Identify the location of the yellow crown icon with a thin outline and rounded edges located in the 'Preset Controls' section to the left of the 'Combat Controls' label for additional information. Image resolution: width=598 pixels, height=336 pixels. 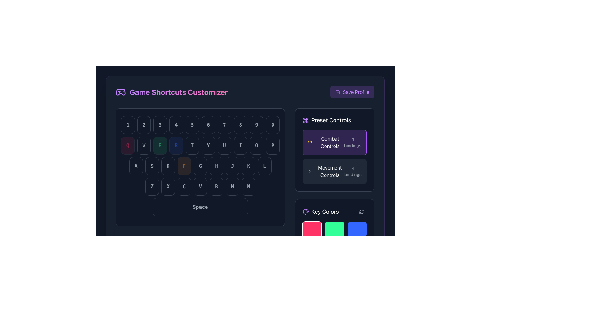
(310, 142).